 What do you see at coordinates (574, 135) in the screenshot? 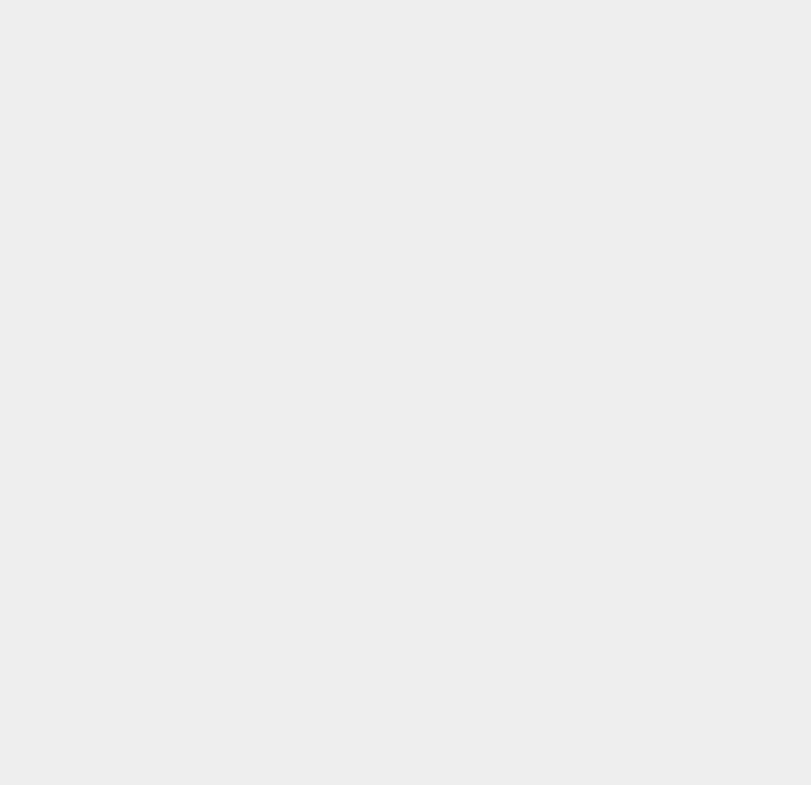
I see `'iPhone 3G'` at bounding box center [574, 135].